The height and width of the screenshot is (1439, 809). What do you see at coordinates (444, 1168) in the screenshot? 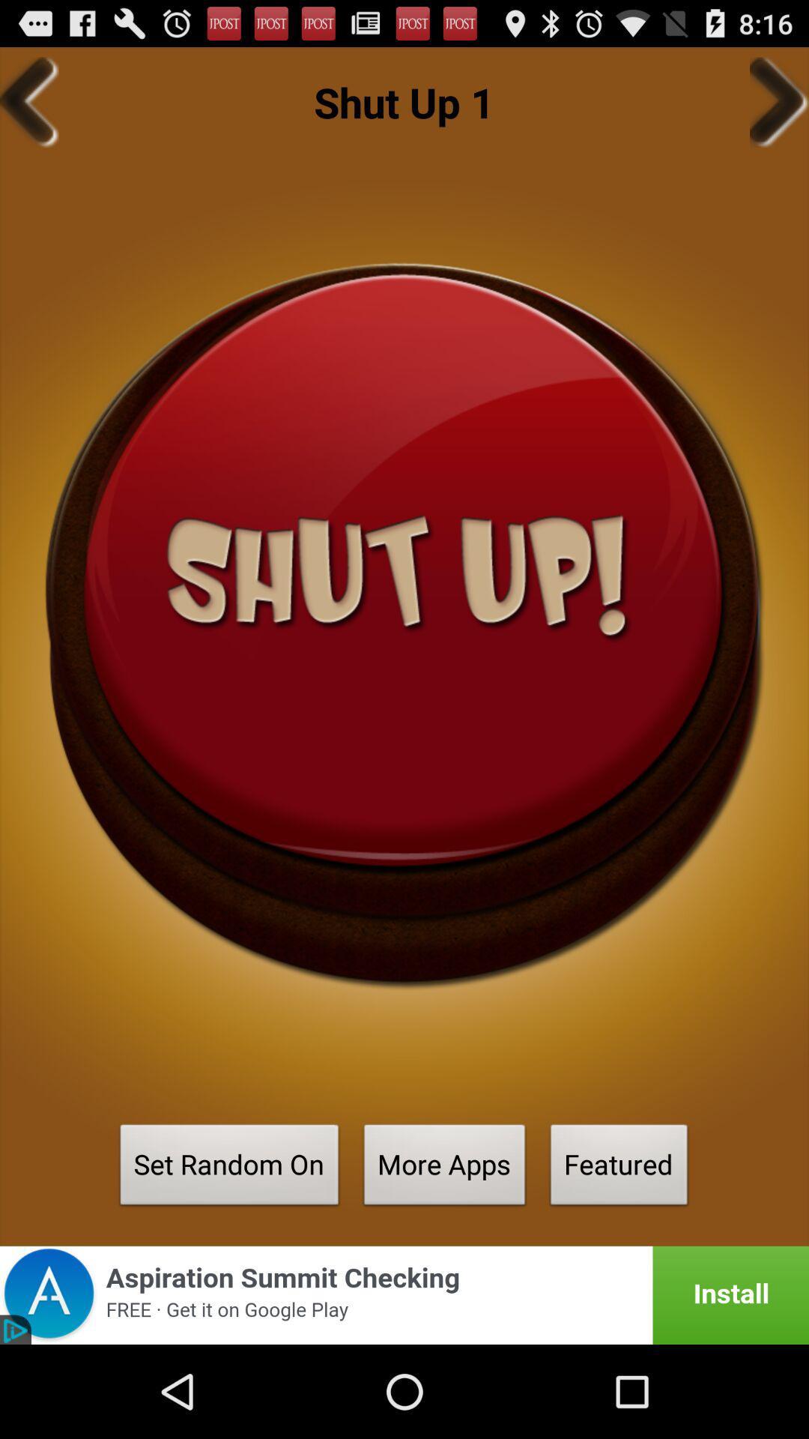
I see `the more apps button` at bounding box center [444, 1168].